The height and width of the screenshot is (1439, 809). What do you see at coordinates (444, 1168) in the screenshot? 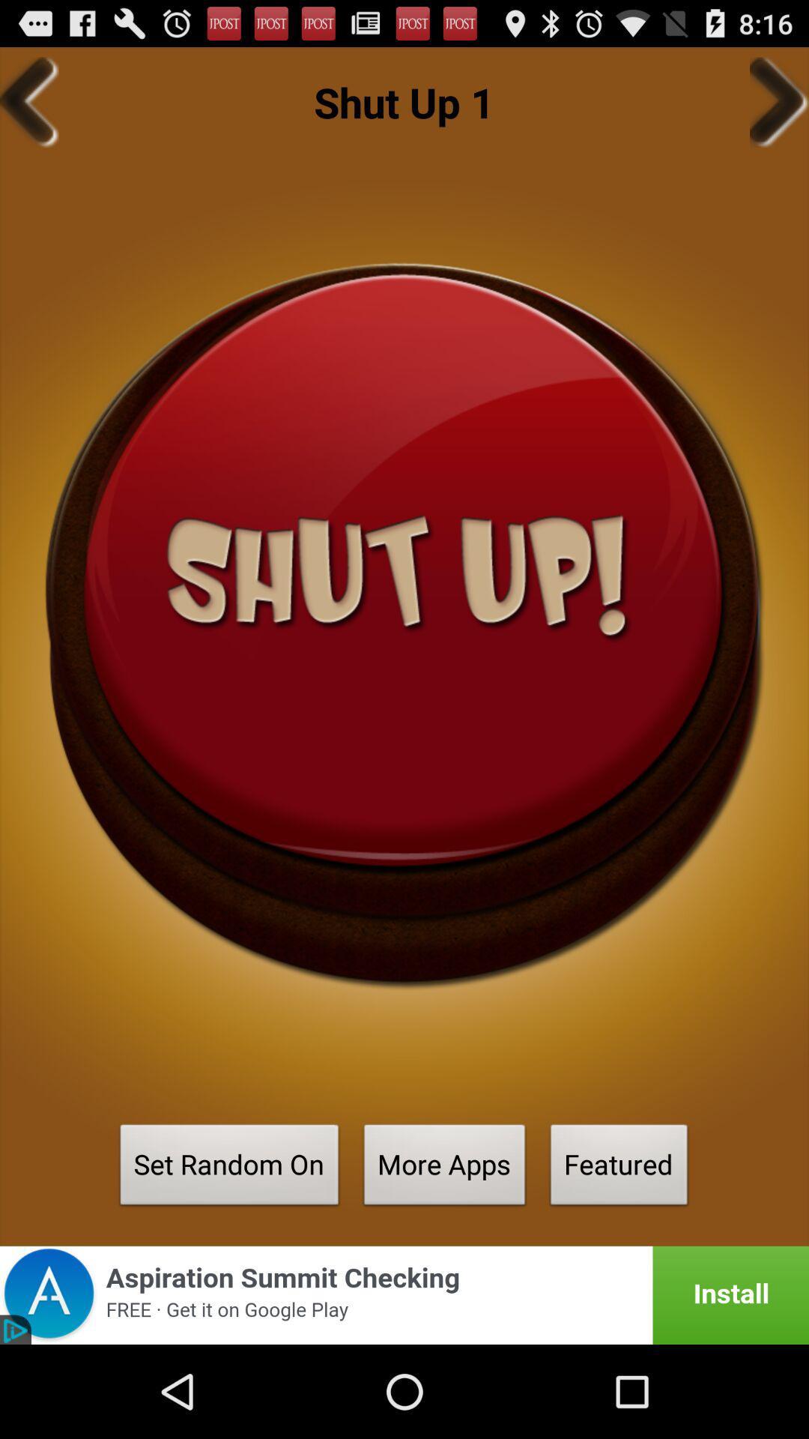
I see `the more apps button` at bounding box center [444, 1168].